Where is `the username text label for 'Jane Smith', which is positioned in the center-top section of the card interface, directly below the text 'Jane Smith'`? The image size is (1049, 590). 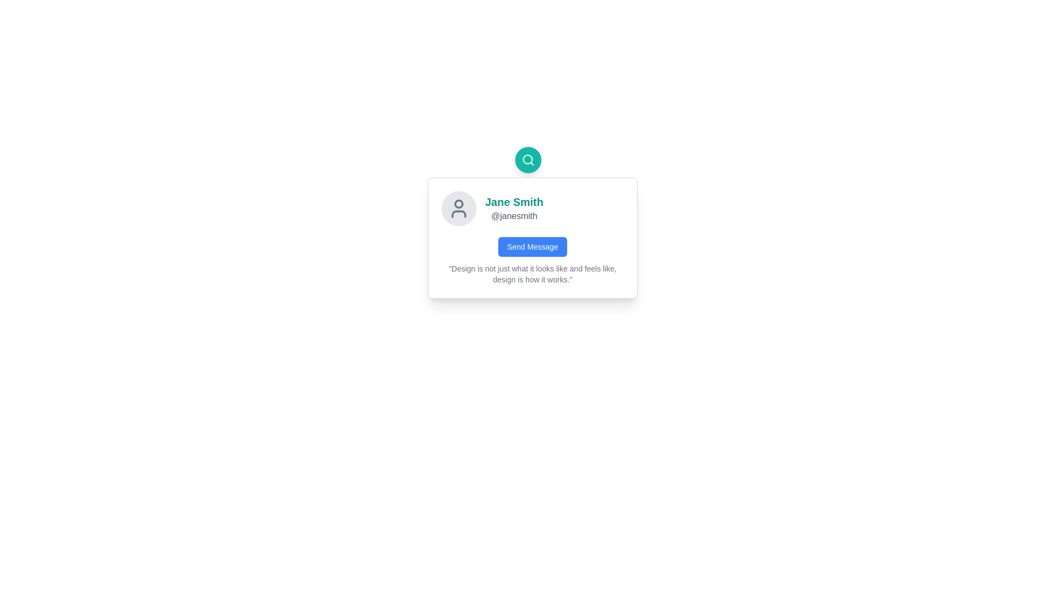
the username text label for 'Jane Smith', which is positioned in the center-top section of the card interface, directly below the text 'Jane Smith' is located at coordinates (514, 216).